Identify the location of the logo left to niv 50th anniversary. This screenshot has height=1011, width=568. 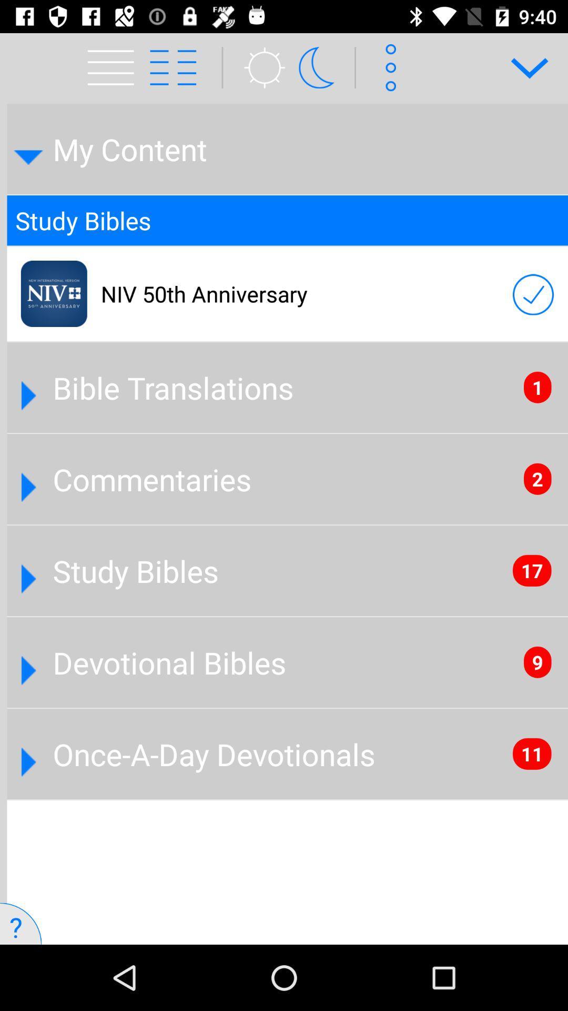
(54, 293).